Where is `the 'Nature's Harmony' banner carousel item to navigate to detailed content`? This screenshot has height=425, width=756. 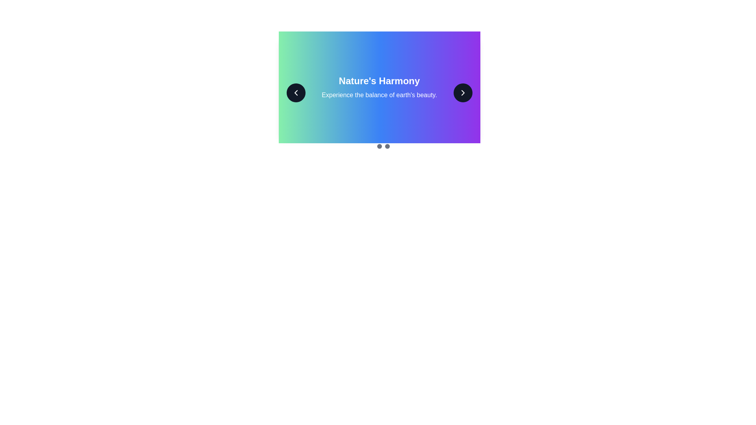 the 'Nature's Harmony' banner carousel item to navigate to detailed content is located at coordinates (379, 87).